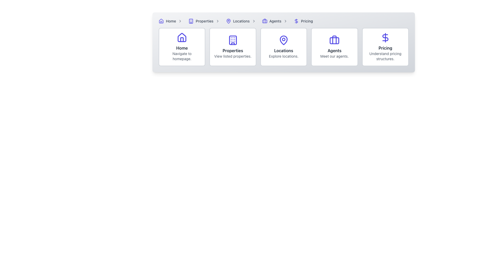  I want to click on the 'Pricing' navigational link located at the far right of the breadcrumb navigation bar, so click(303, 21).